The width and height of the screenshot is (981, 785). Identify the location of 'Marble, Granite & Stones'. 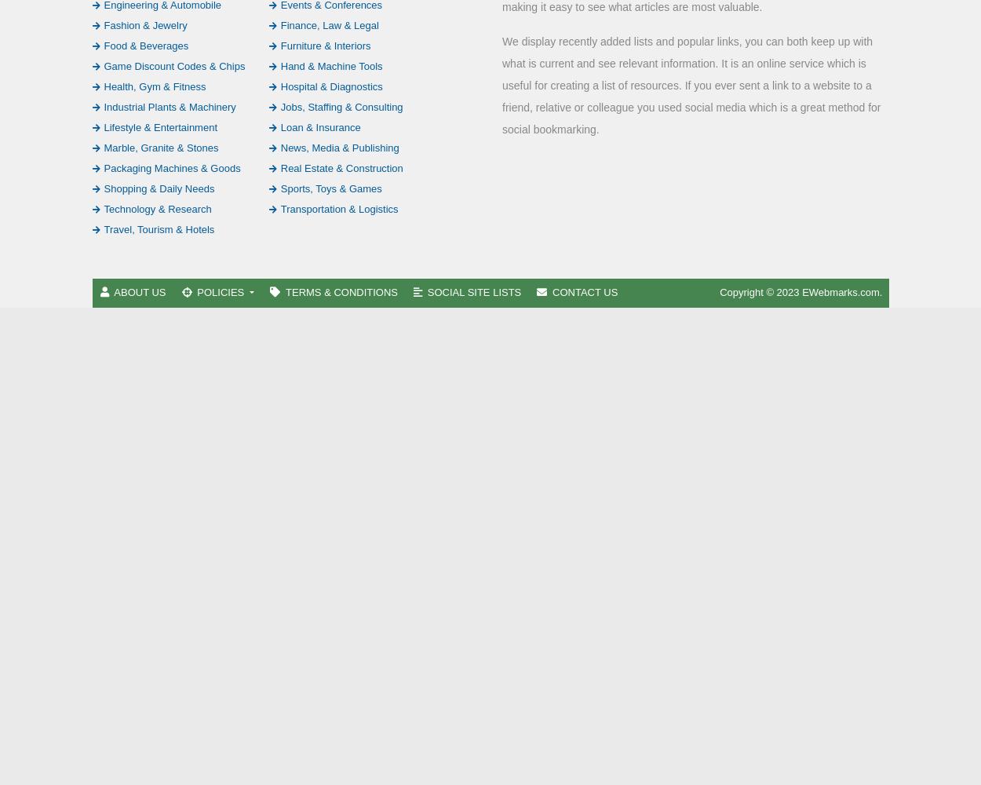
(160, 147).